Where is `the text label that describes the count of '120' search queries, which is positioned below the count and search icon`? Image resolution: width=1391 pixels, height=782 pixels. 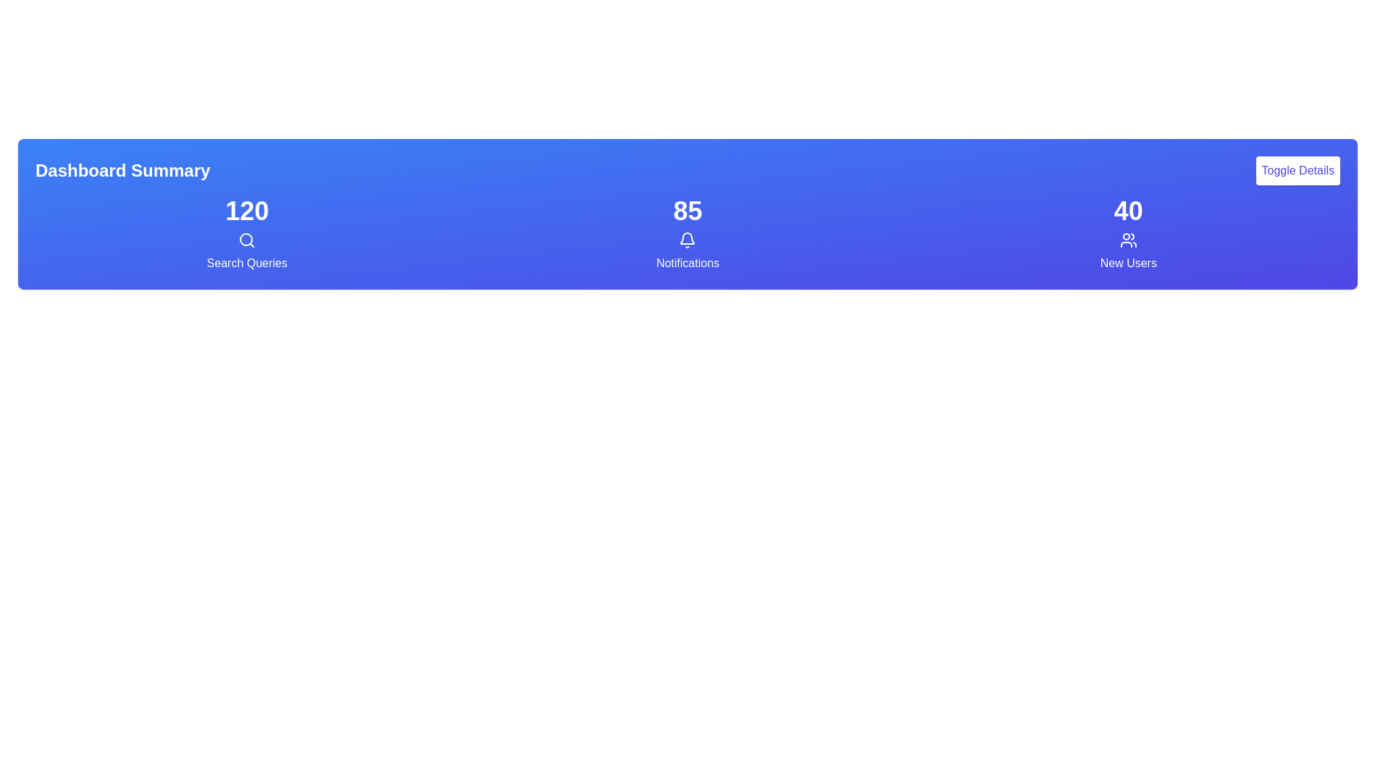
the text label that describes the count of '120' search queries, which is positioned below the count and search icon is located at coordinates (247, 263).